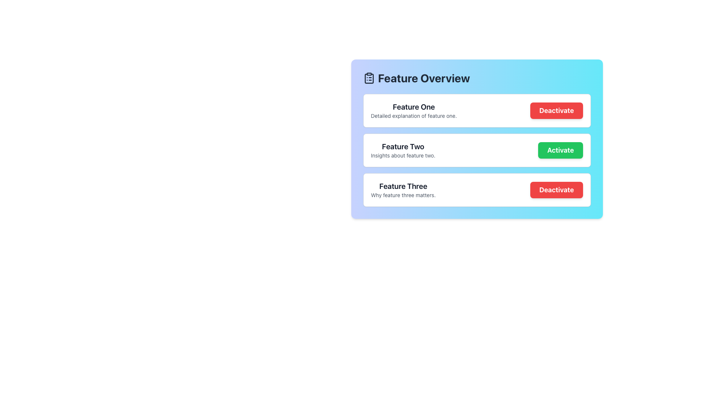 The width and height of the screenshot is (719, 404). What do you see at coordinates (476, 150) in the screenshot?
I see `the second list item in the 'Feature Overview' section, which provides information about 'Feature Two' and includes an actionable button` at bounding box center [476, 150].